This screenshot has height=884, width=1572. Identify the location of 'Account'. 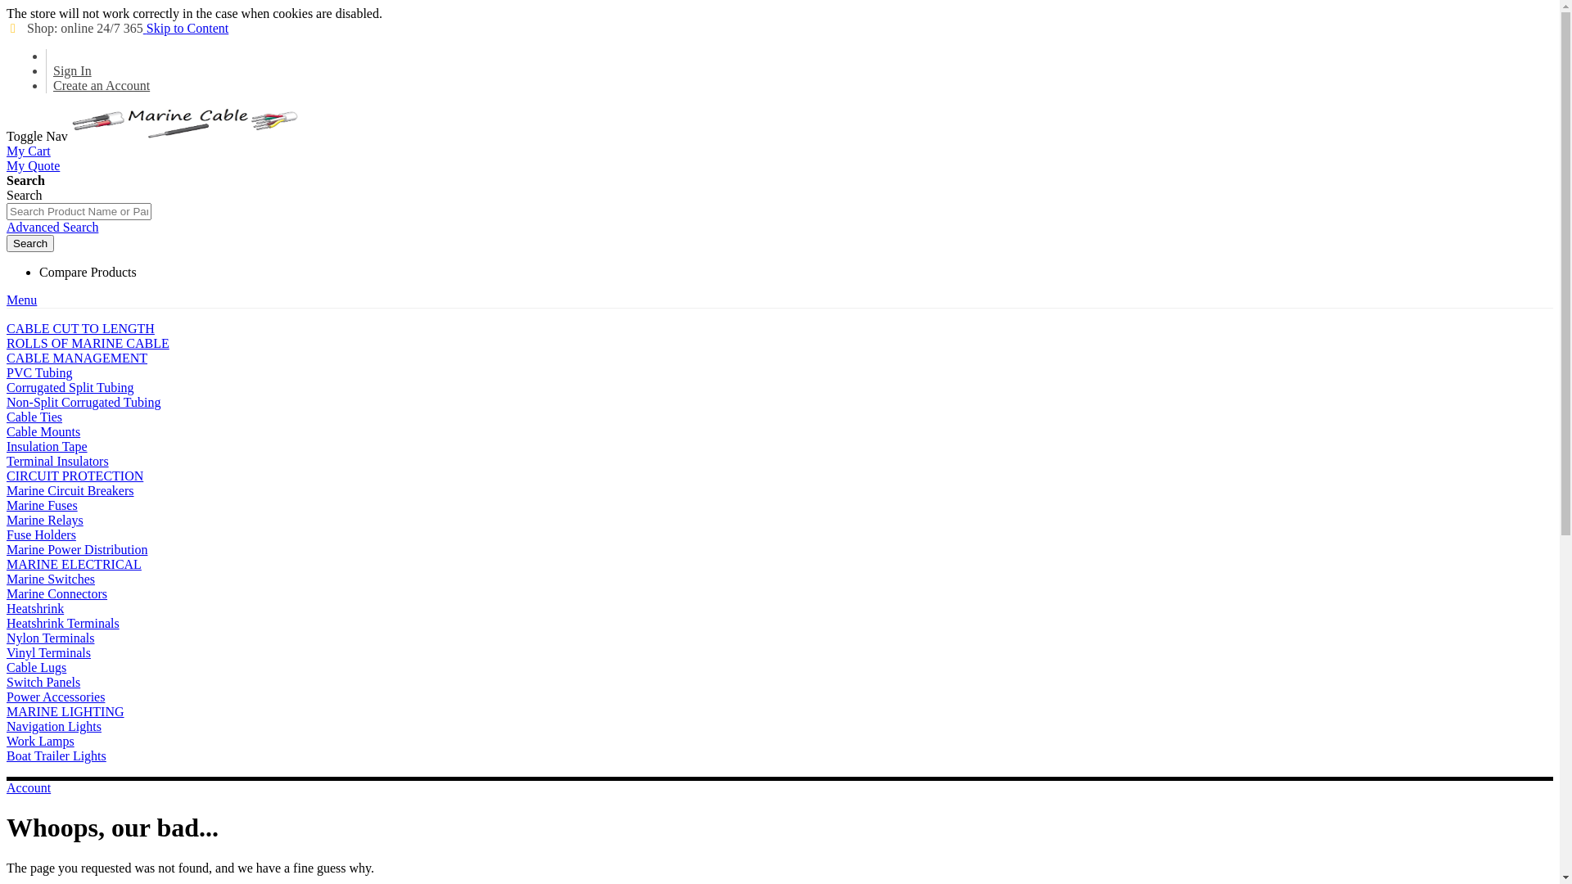
(28, 787).